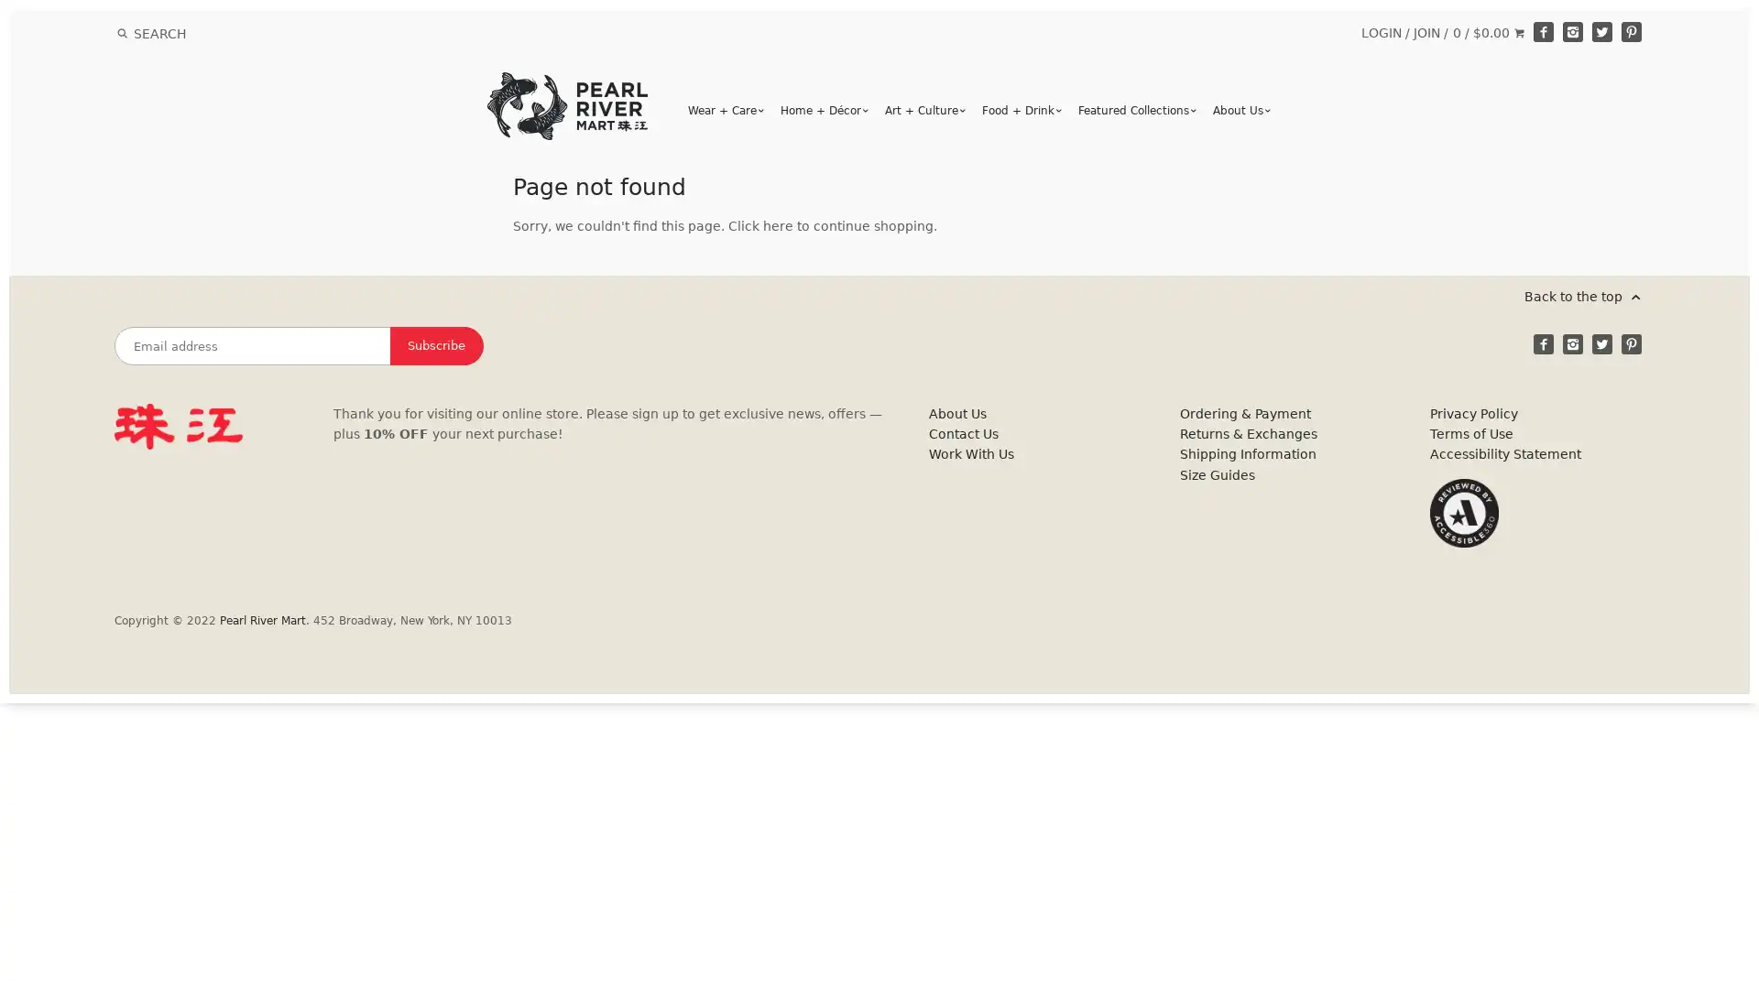  What do you see at coordinates (435, 412) in the screenshot?
I see `Subscribe` at bounding box center [435, 412].